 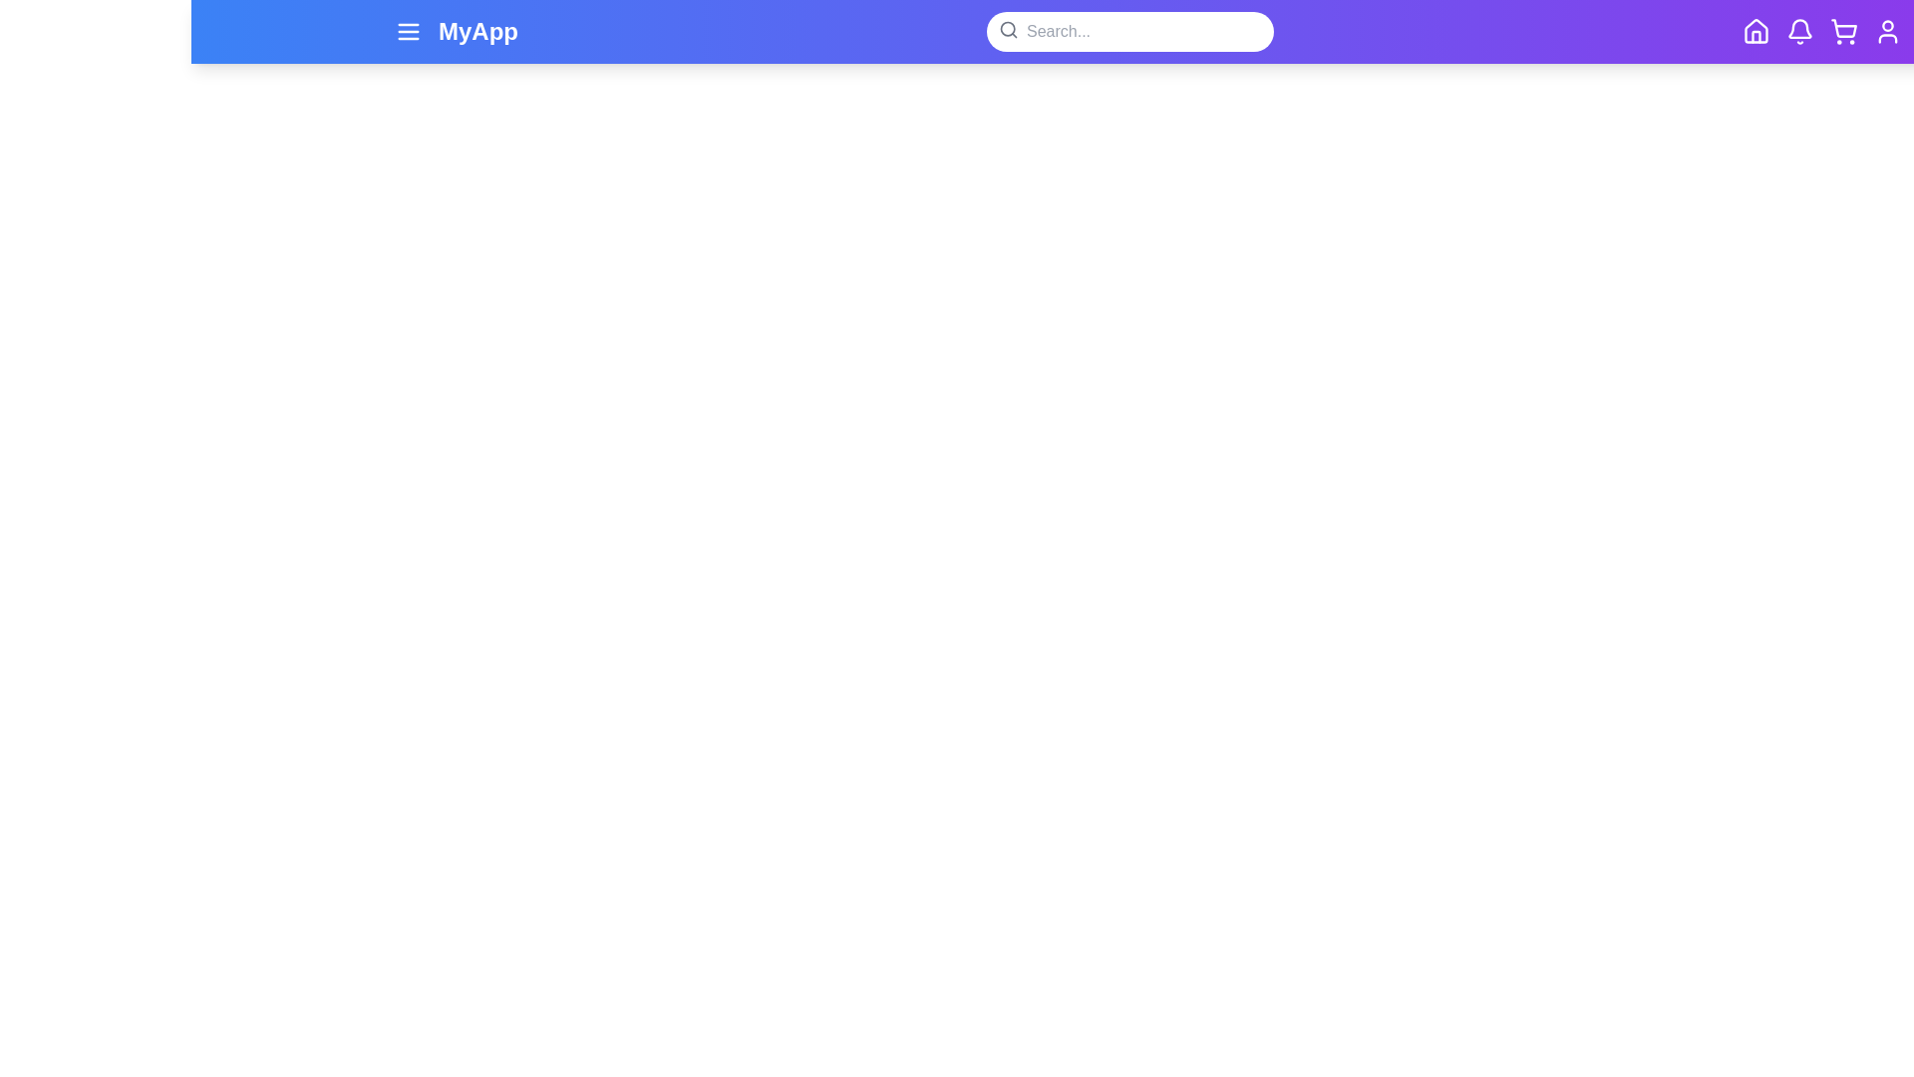 I want to click on the user button in the navigation bar, so click(x=1887, y=31).